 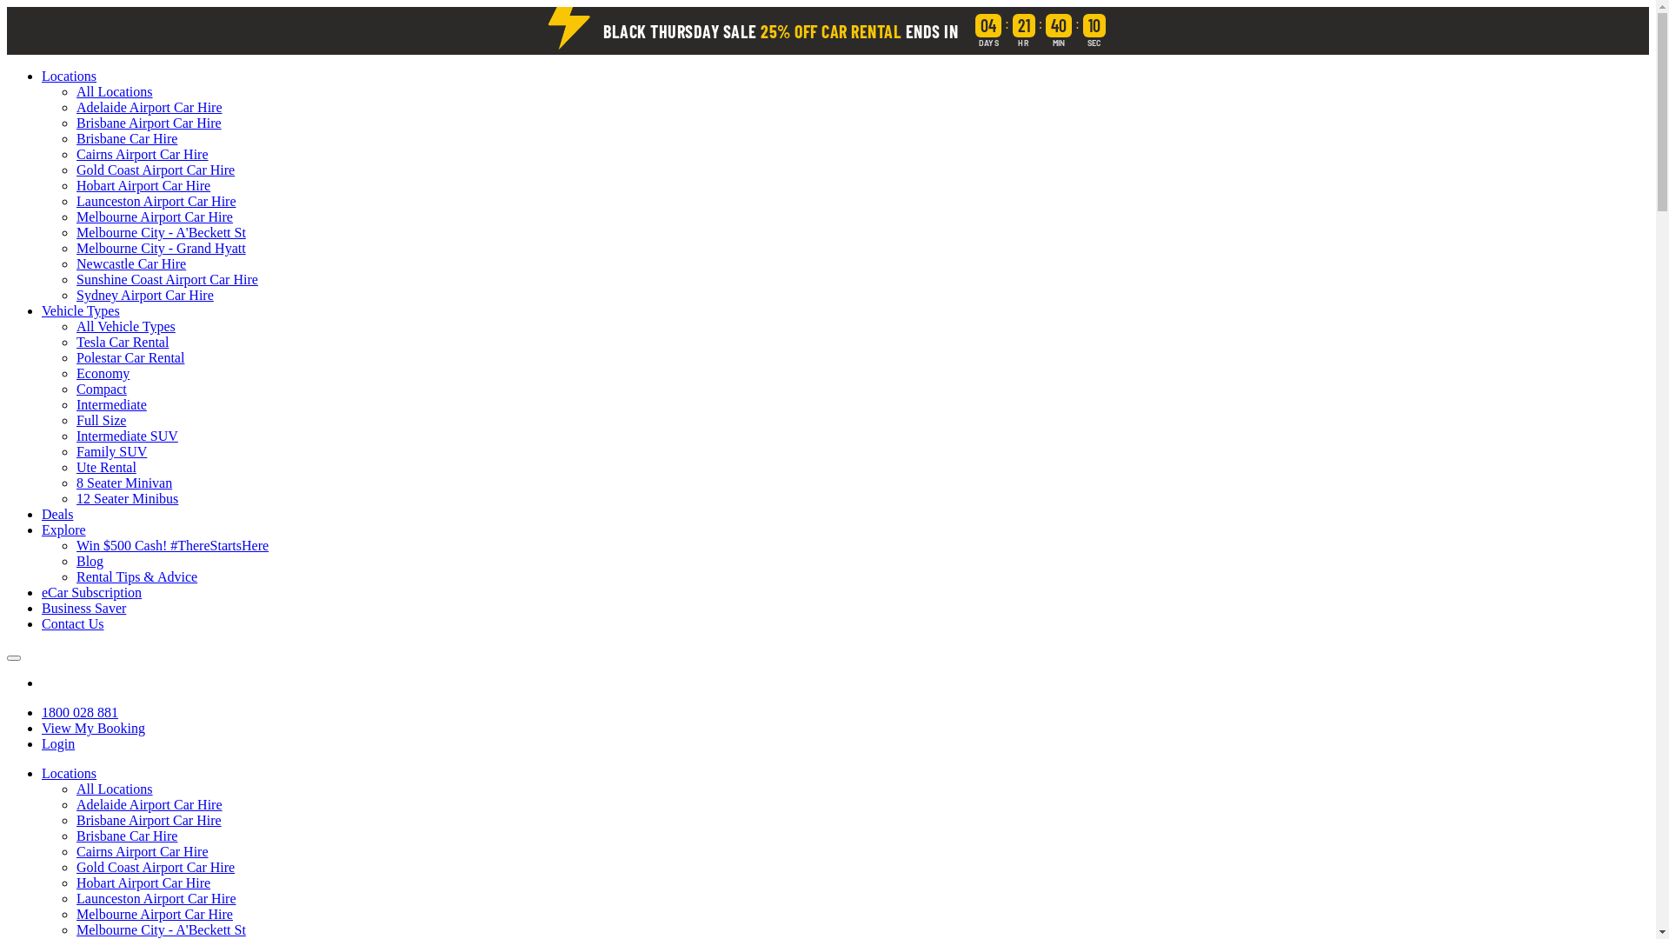 I want to click on 'Full Size', so click(x=100, y=420).